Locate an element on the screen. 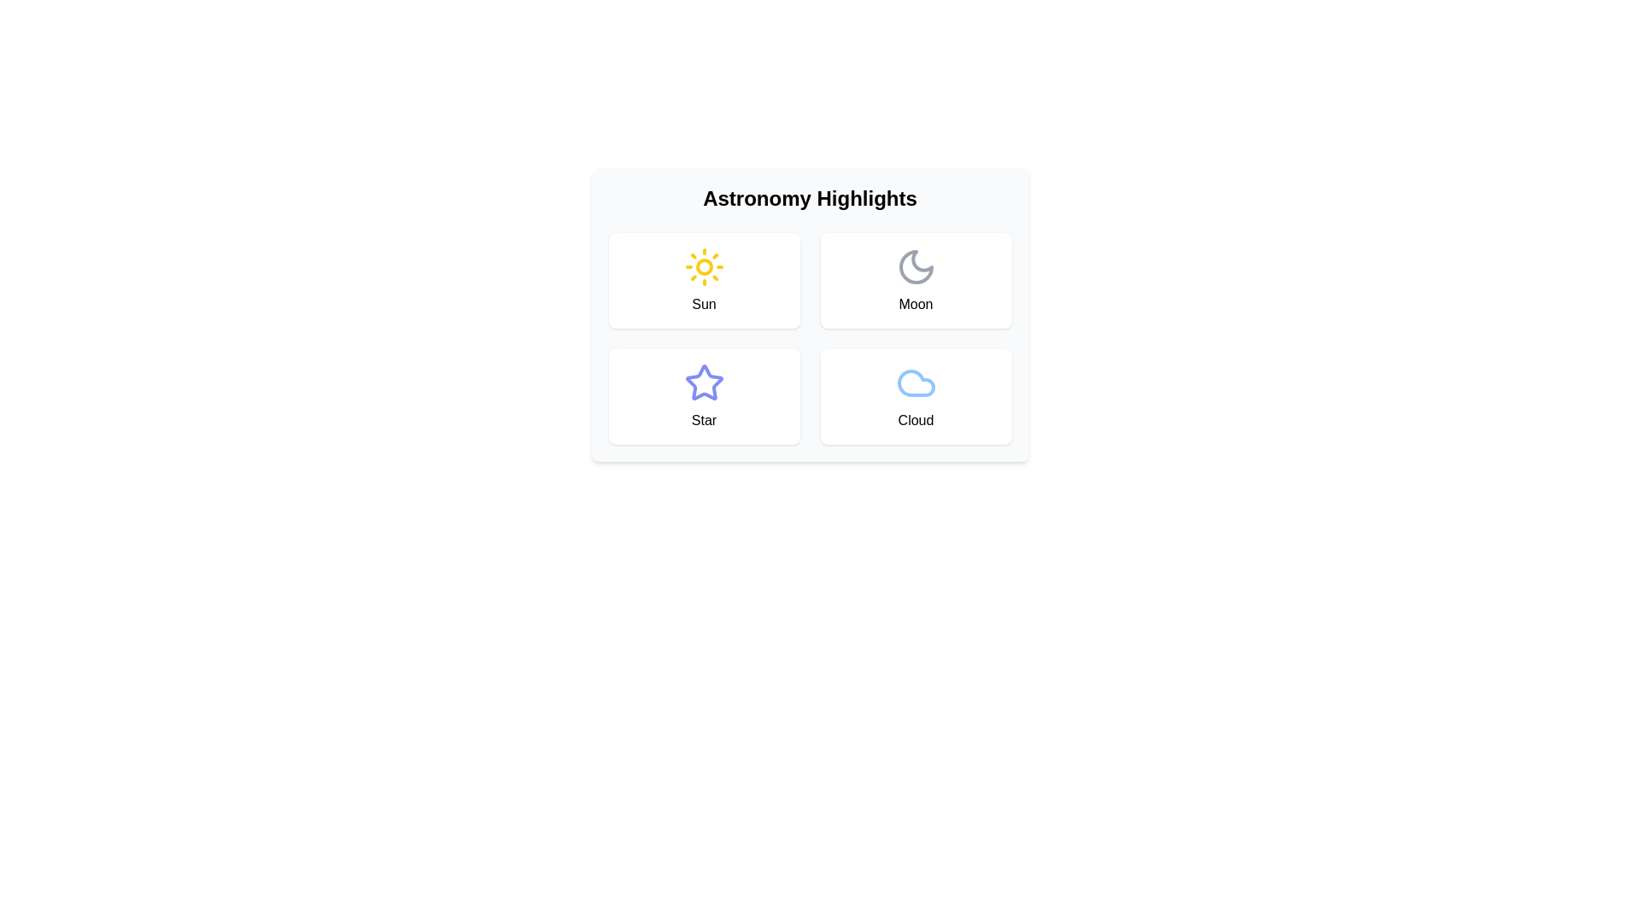 Image resolution: width=1640 pixels, height=922 pixels. the cloud-shaped icon with a soft blue outline located in the bottom-right corner of the 'Astronomy Highlights' grid, which is part of the 'Cloud' section is located at coordinates (915, 382).